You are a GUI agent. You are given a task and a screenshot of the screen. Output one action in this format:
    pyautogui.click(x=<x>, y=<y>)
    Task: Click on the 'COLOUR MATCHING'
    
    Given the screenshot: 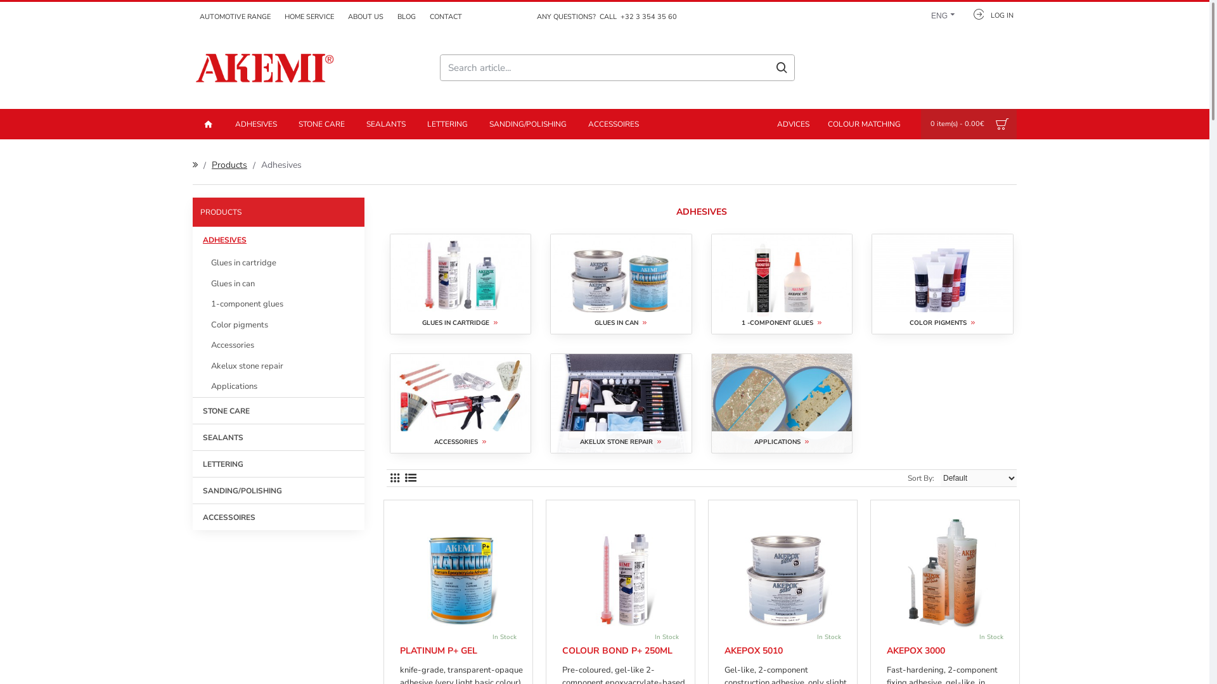 What is the action you would take?
    pyautogui.click(x=863, y=124)
    